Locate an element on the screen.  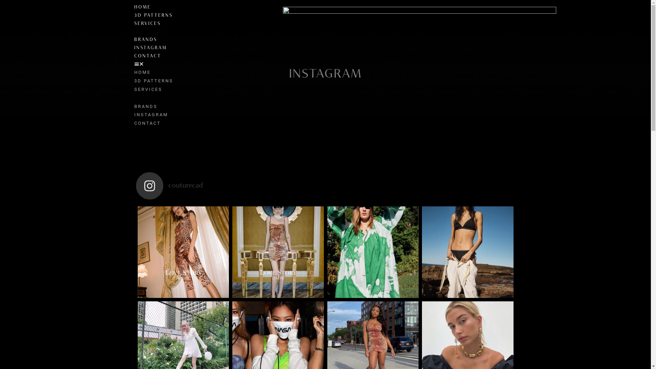
'BRANDS' is located at coordinates (134, 106).